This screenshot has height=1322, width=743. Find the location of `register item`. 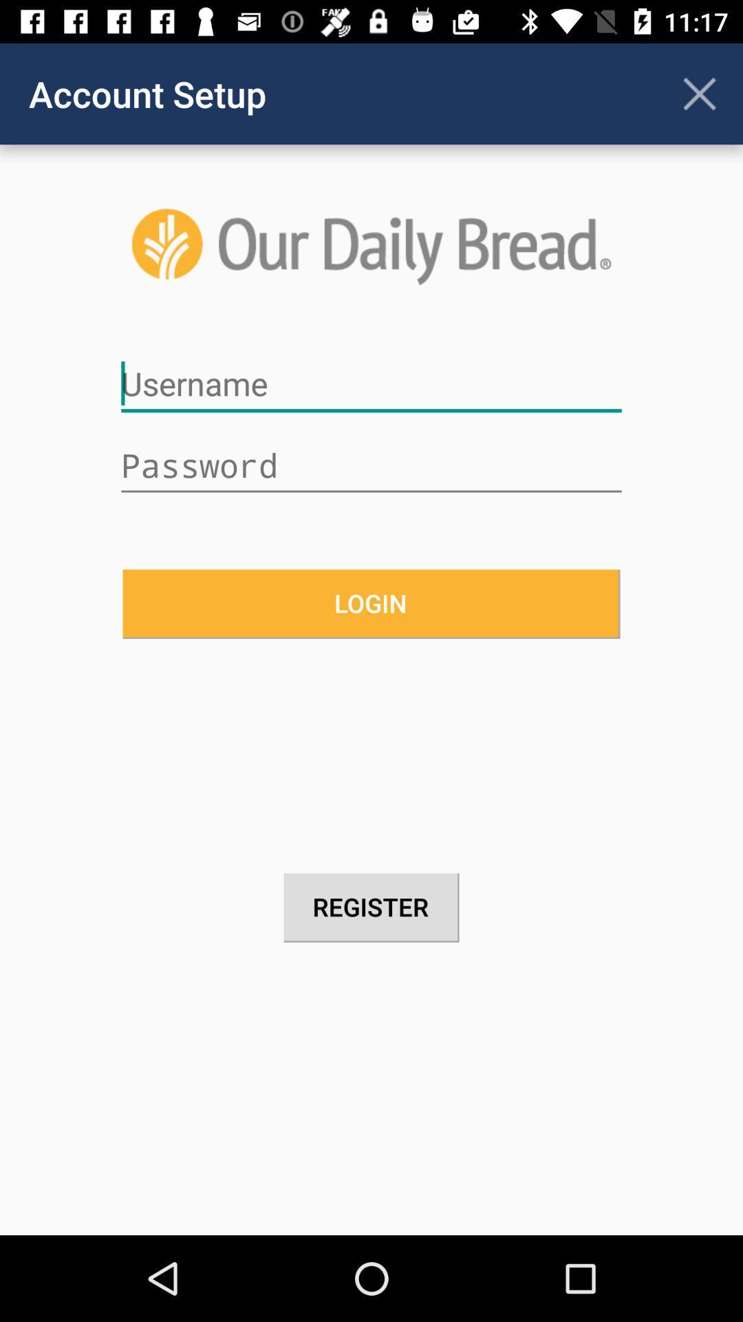

register item is located at coordinates (371, 907).